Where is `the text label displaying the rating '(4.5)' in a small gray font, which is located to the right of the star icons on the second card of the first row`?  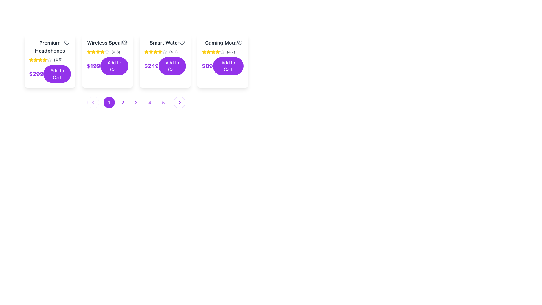
the text label displaying the rating '(4.5)' in a small gray font, which is located to the right of the star icons on the second card of the first row is located at coordinates (58, 60).